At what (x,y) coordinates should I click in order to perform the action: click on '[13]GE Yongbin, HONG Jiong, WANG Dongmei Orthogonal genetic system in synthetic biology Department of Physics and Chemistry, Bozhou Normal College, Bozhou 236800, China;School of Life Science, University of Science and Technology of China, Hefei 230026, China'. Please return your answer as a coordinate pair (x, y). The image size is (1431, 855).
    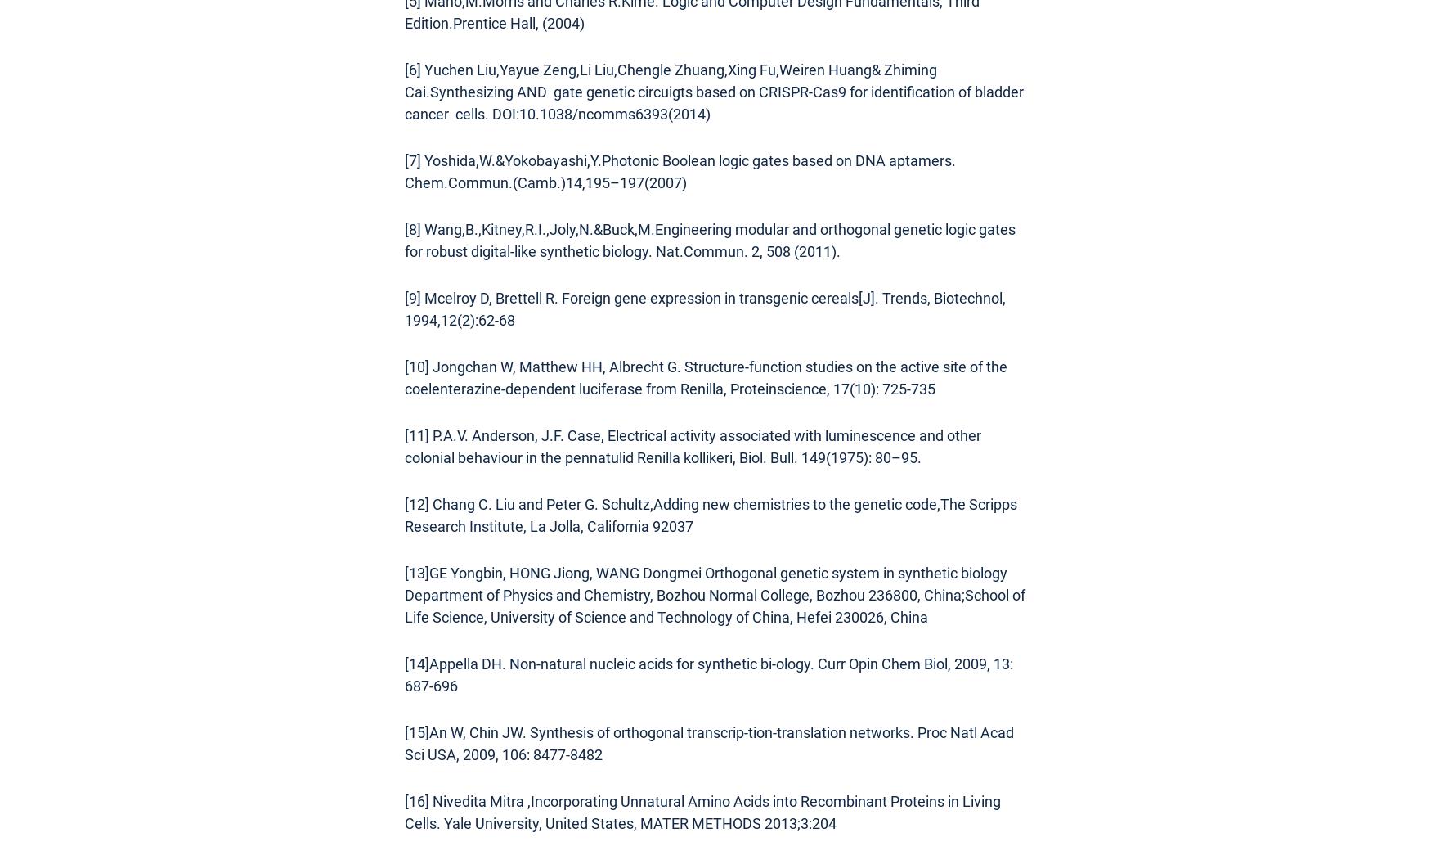
    Looking at the image, I should click on (715, 594).